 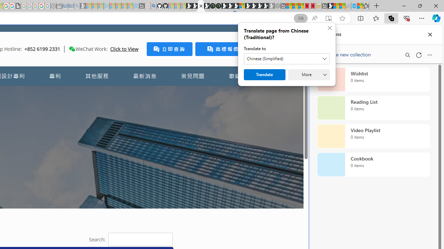 What do you see at coordinates (264, 75) in the screenshot?
I see `'Translate'` at bounding box center [264, 75].